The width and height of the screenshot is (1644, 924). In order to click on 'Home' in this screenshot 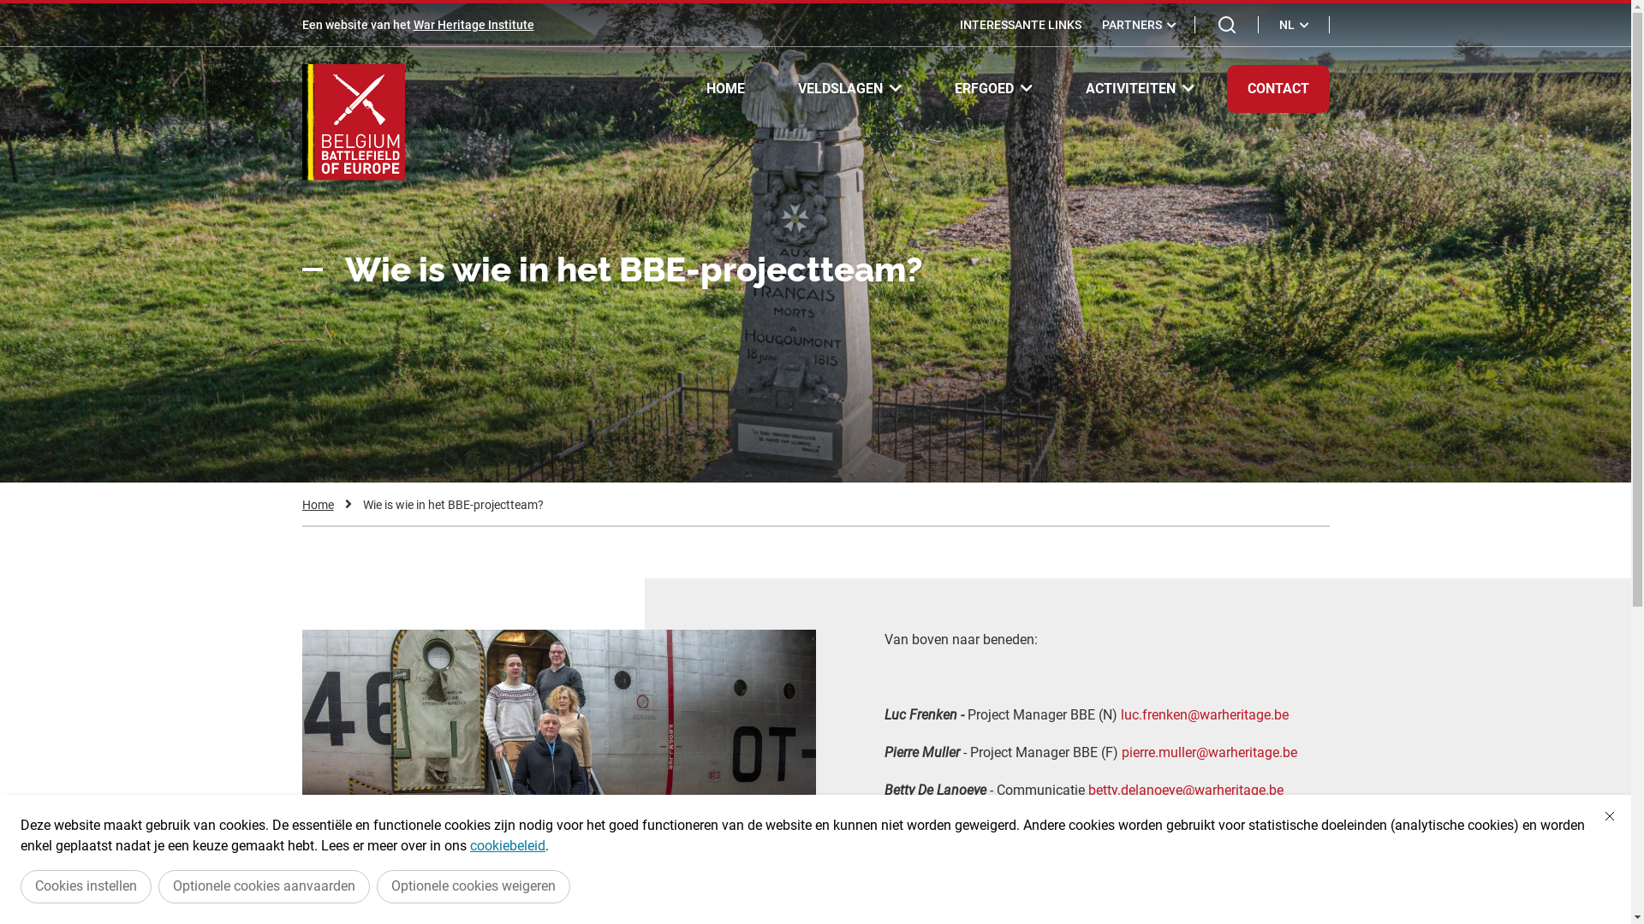, I will do `click(317, 504)`.